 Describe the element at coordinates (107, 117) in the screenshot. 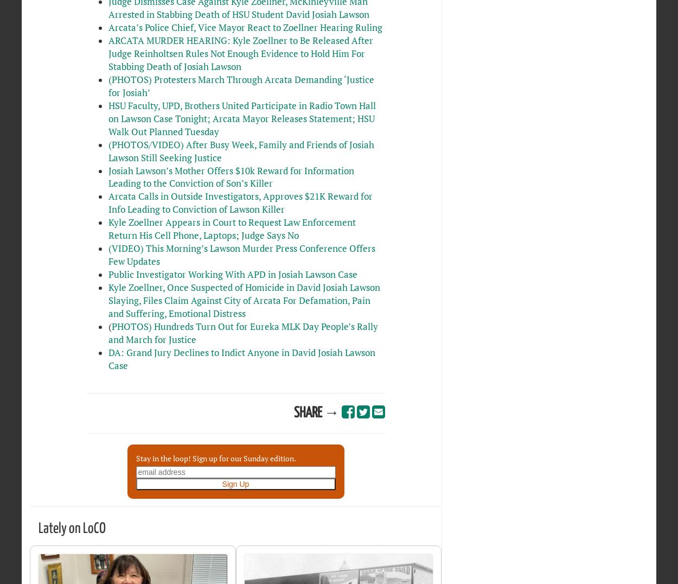

I see `'HSU Faculty, UPD, Brothers United Participate in Radio Town Hall on Lawson Case Tonight; Arcata Mayor Releases Statement; HSU Walk Out Planned Tuesday'` at that location.